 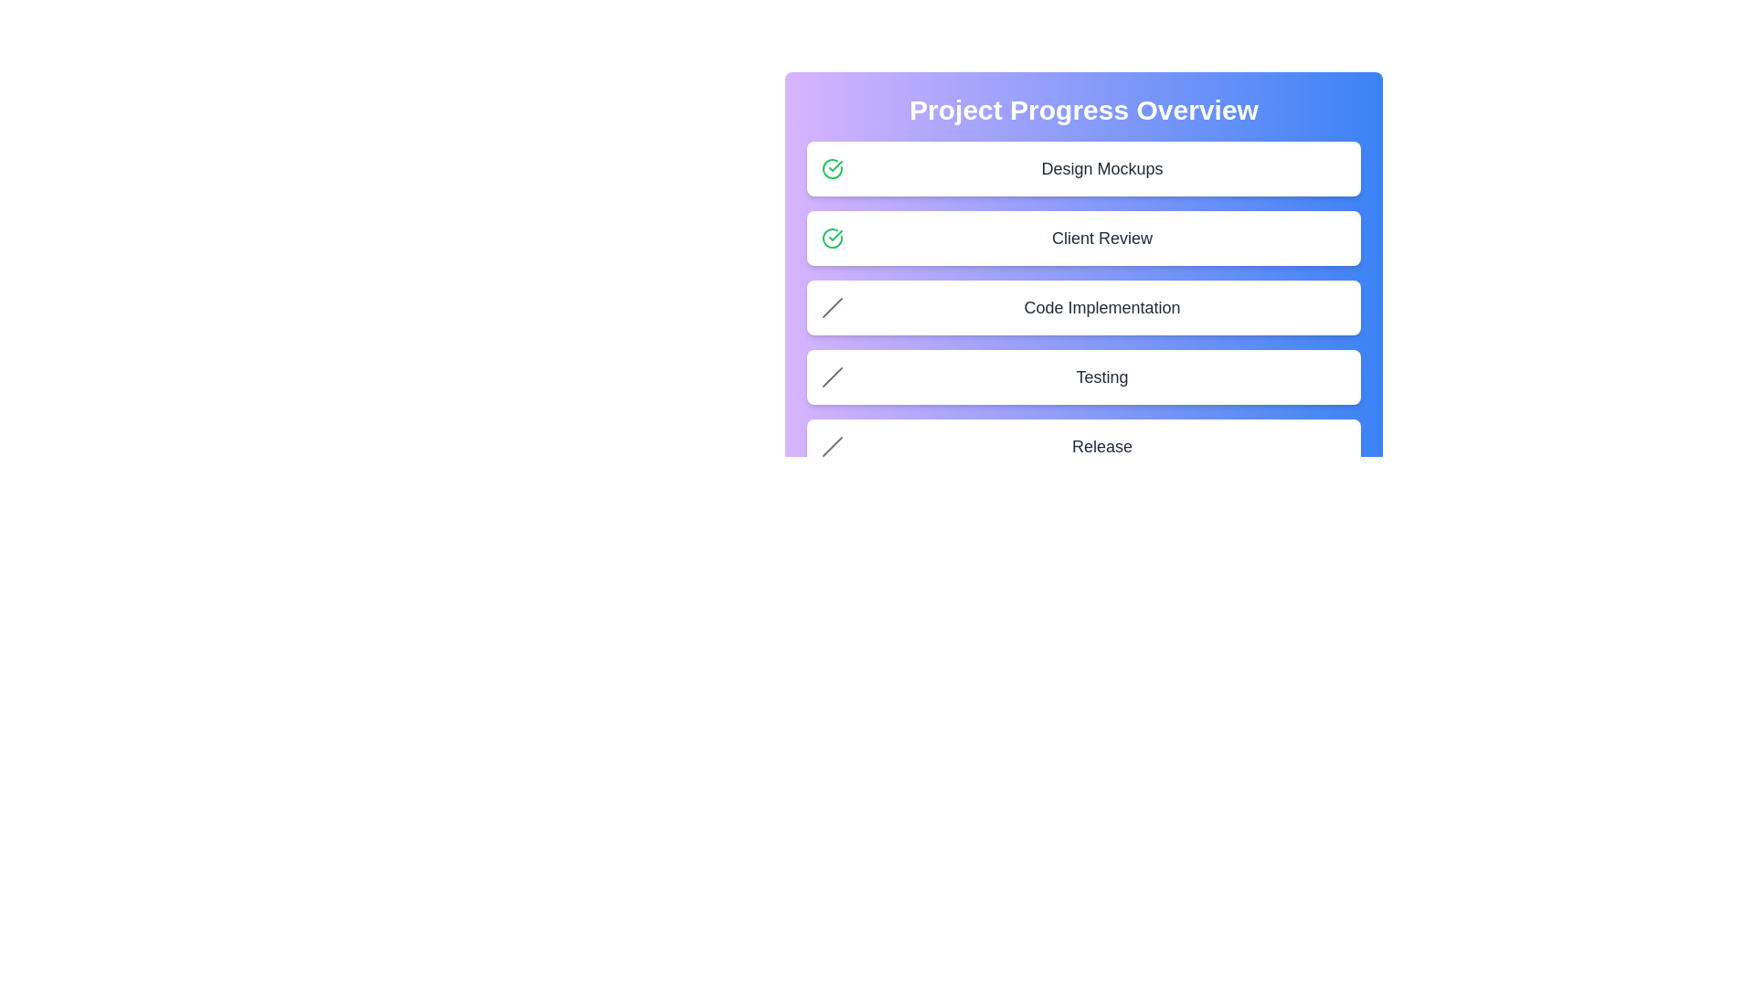 What do you see at coordinates (835, 165) in the screenshot?
I see `the checkmark icon inside a circle, which is located to the left of the text 'Client Review' and is the second icon in the vertical layout of task items` at bounding box center [835, 165].